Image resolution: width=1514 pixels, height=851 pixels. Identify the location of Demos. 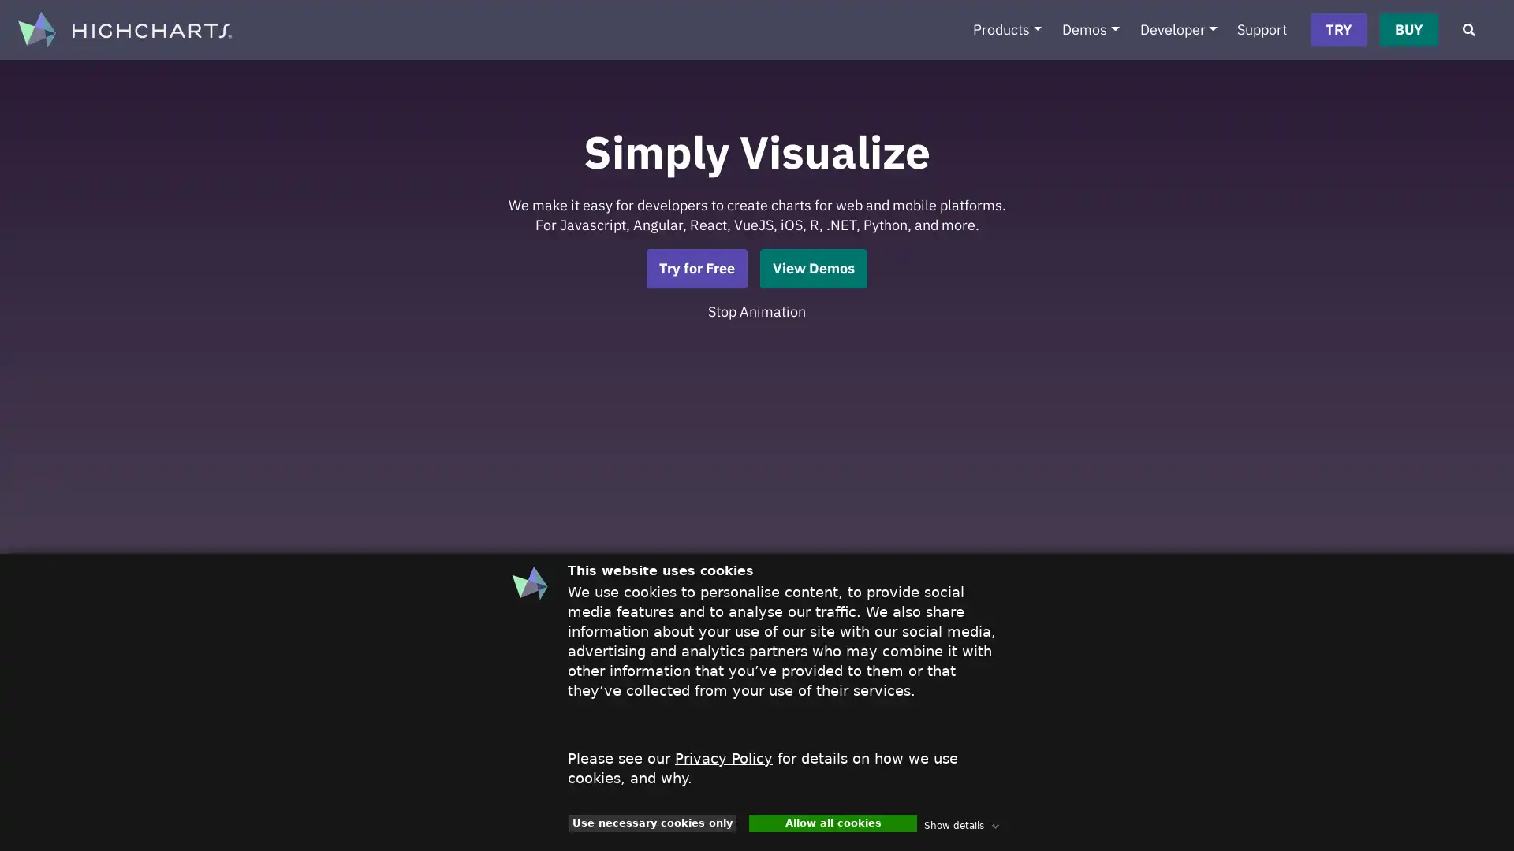
(1089, 30).